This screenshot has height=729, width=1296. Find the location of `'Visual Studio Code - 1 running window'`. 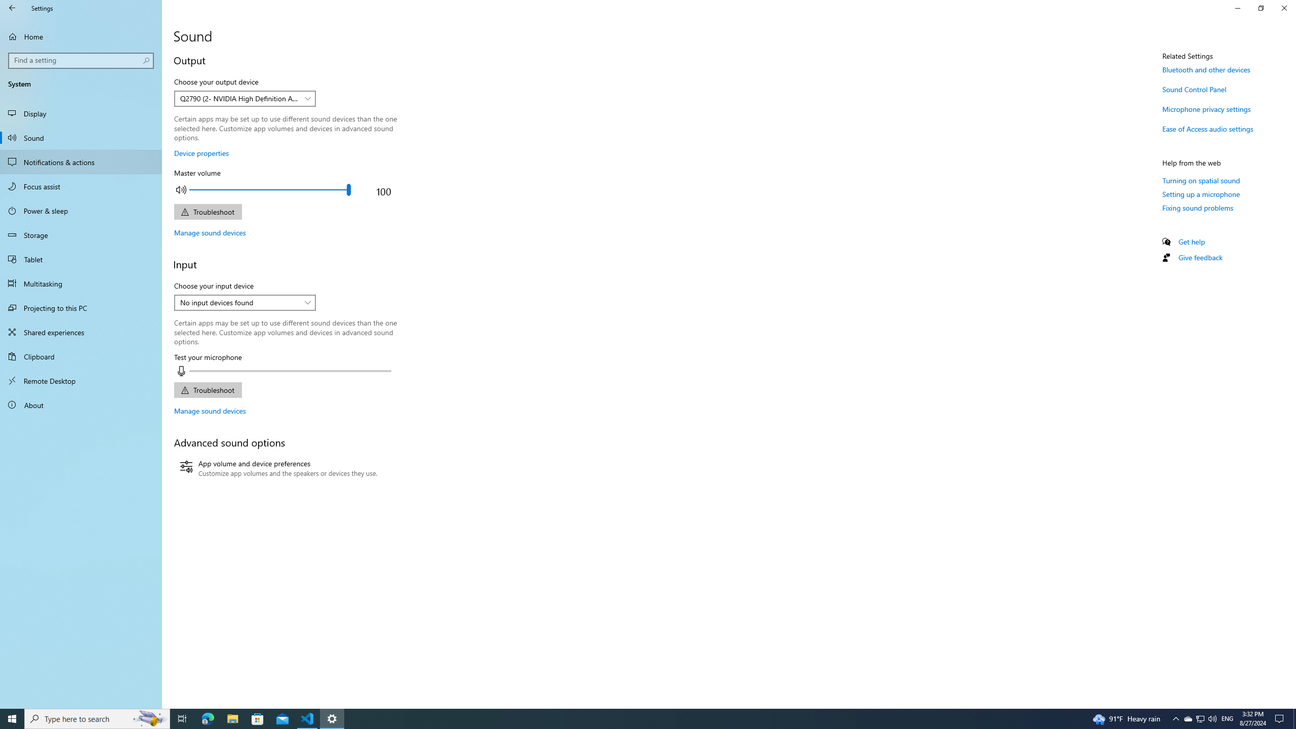

'Visual Studio Code - 1 running window' is located at coordinates (307, 718).